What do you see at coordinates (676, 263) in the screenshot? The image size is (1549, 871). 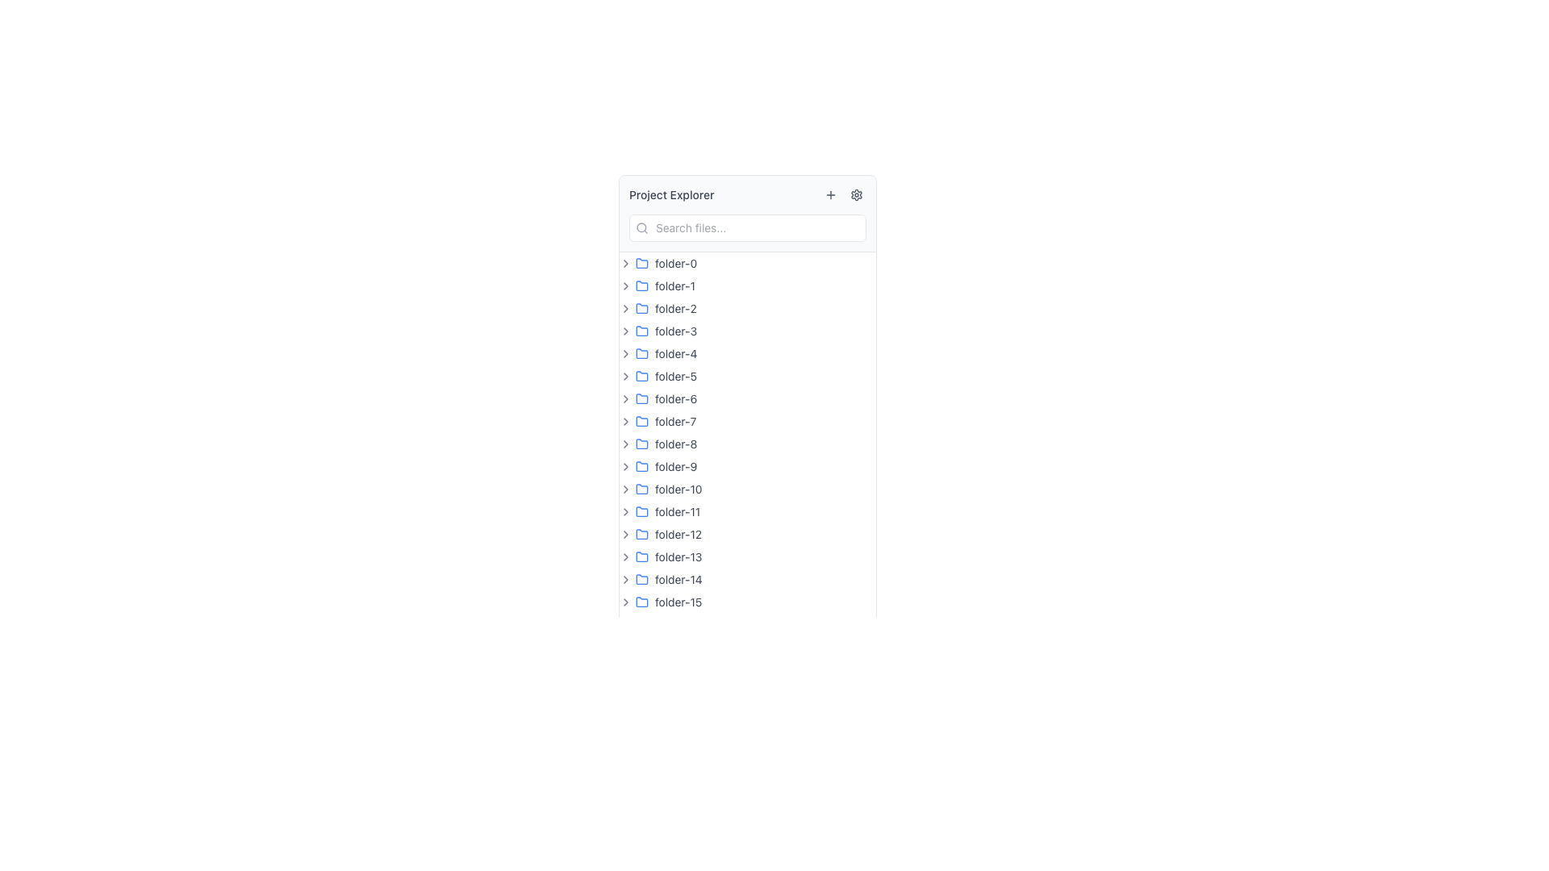 I see `the text label that serves as the name for the first folder in the vertical list of folders in the sidebar, located to the right of the blue folder icon and arrow icon` at bounding box center [676, 263].